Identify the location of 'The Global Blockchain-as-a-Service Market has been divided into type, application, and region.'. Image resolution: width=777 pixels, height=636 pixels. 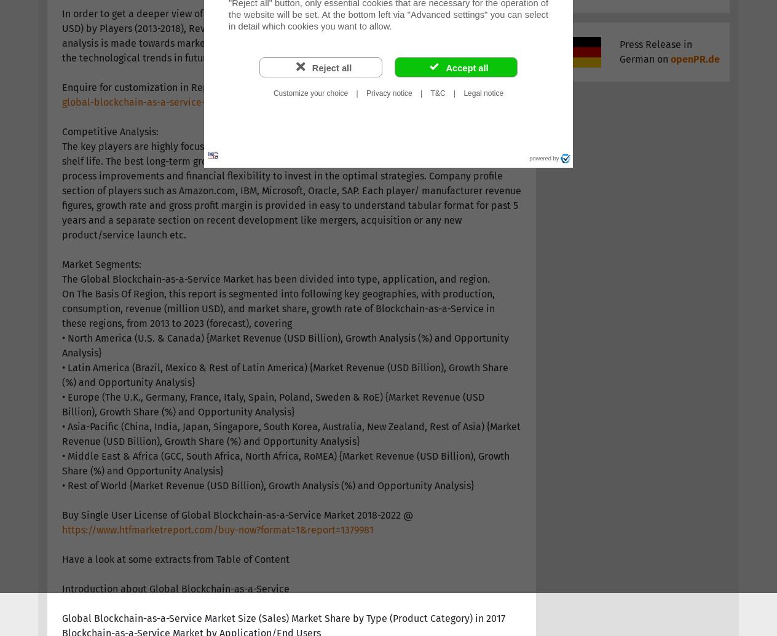
(275, 278).